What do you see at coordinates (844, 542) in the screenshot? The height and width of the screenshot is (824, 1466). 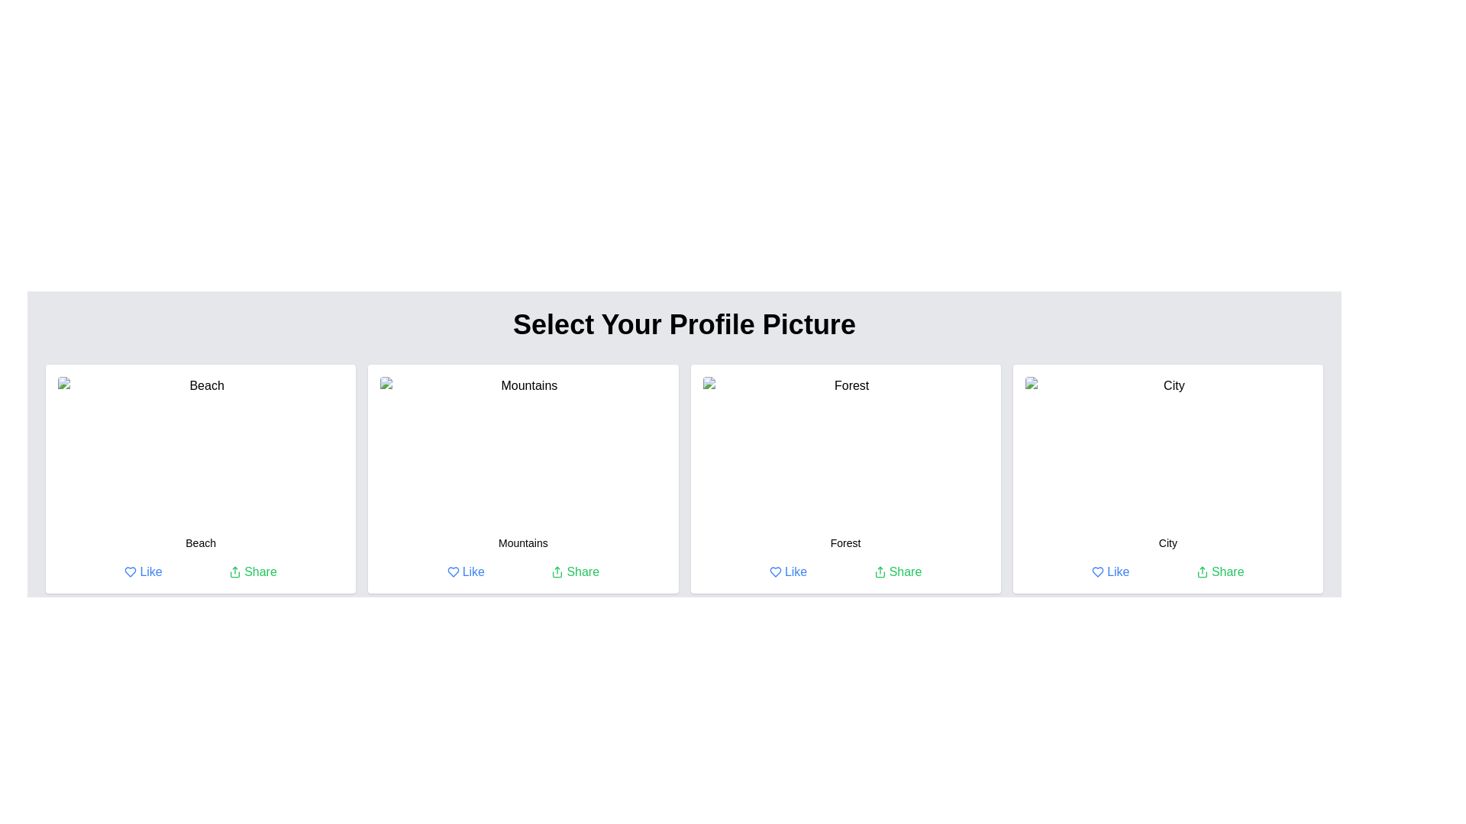 I see `the Text label located below the forest image in the third card from the left, which provides a description for the item and is positioned above the 'Like Share' section` at bounding box center [844, 542].